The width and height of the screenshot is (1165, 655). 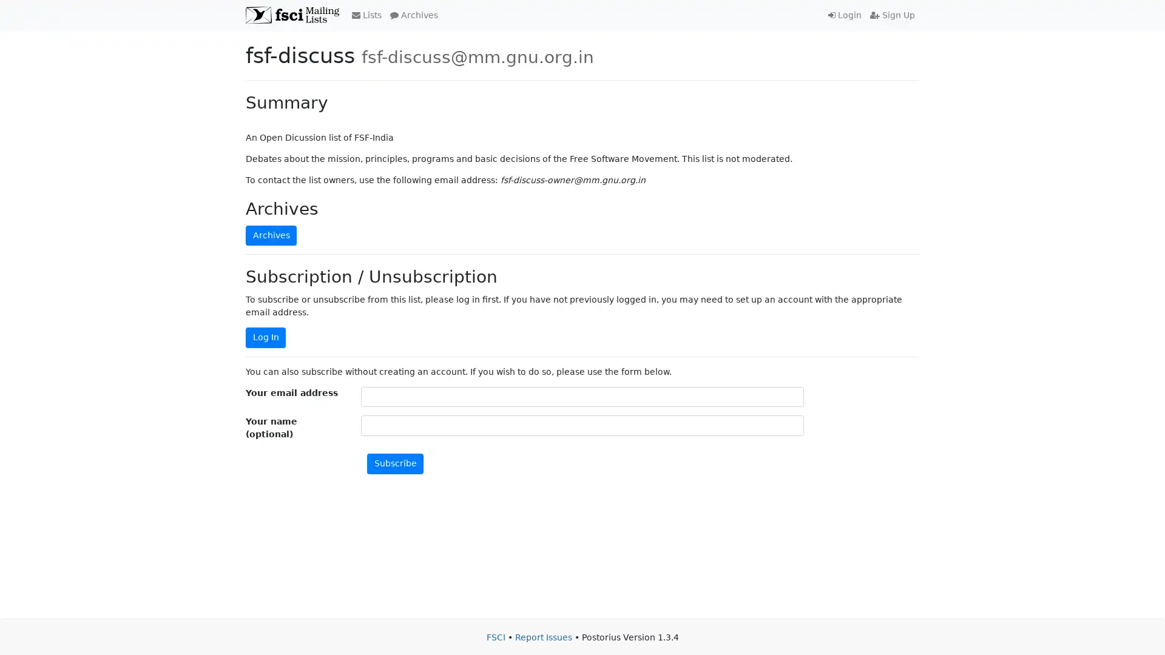 I want to click on Subscribe, so click(x=395, y=463).